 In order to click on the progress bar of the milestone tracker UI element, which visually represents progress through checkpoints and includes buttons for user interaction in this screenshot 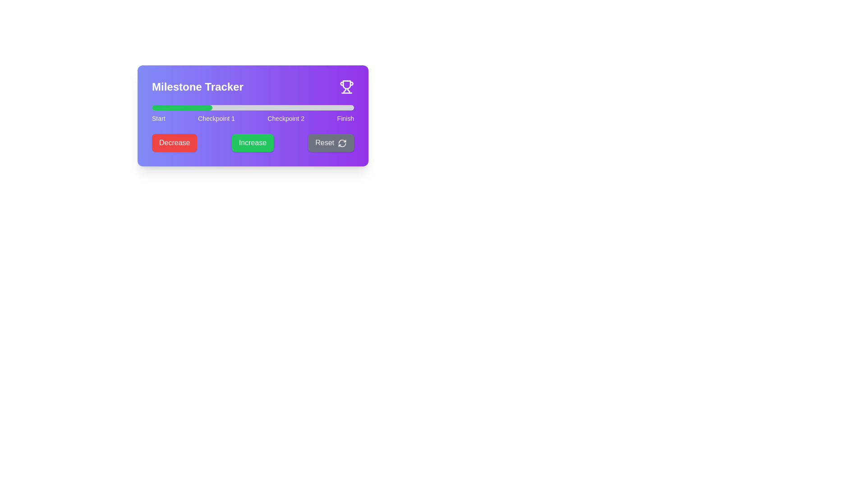, I will do `click(253, 115)`.